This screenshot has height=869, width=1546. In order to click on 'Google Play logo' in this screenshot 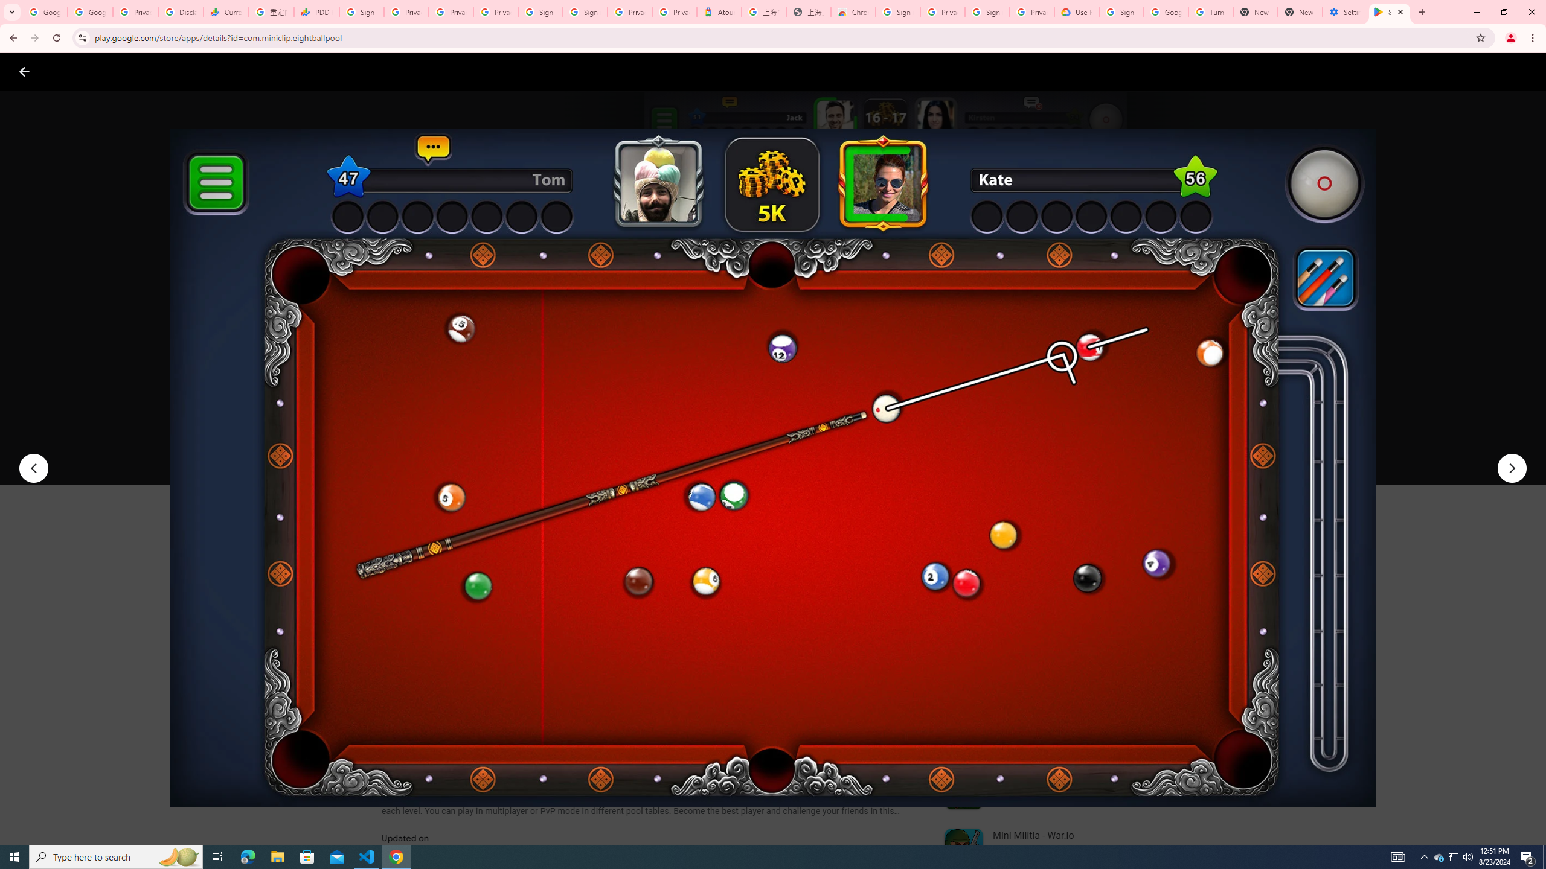, I will do `click(67, 71)`.